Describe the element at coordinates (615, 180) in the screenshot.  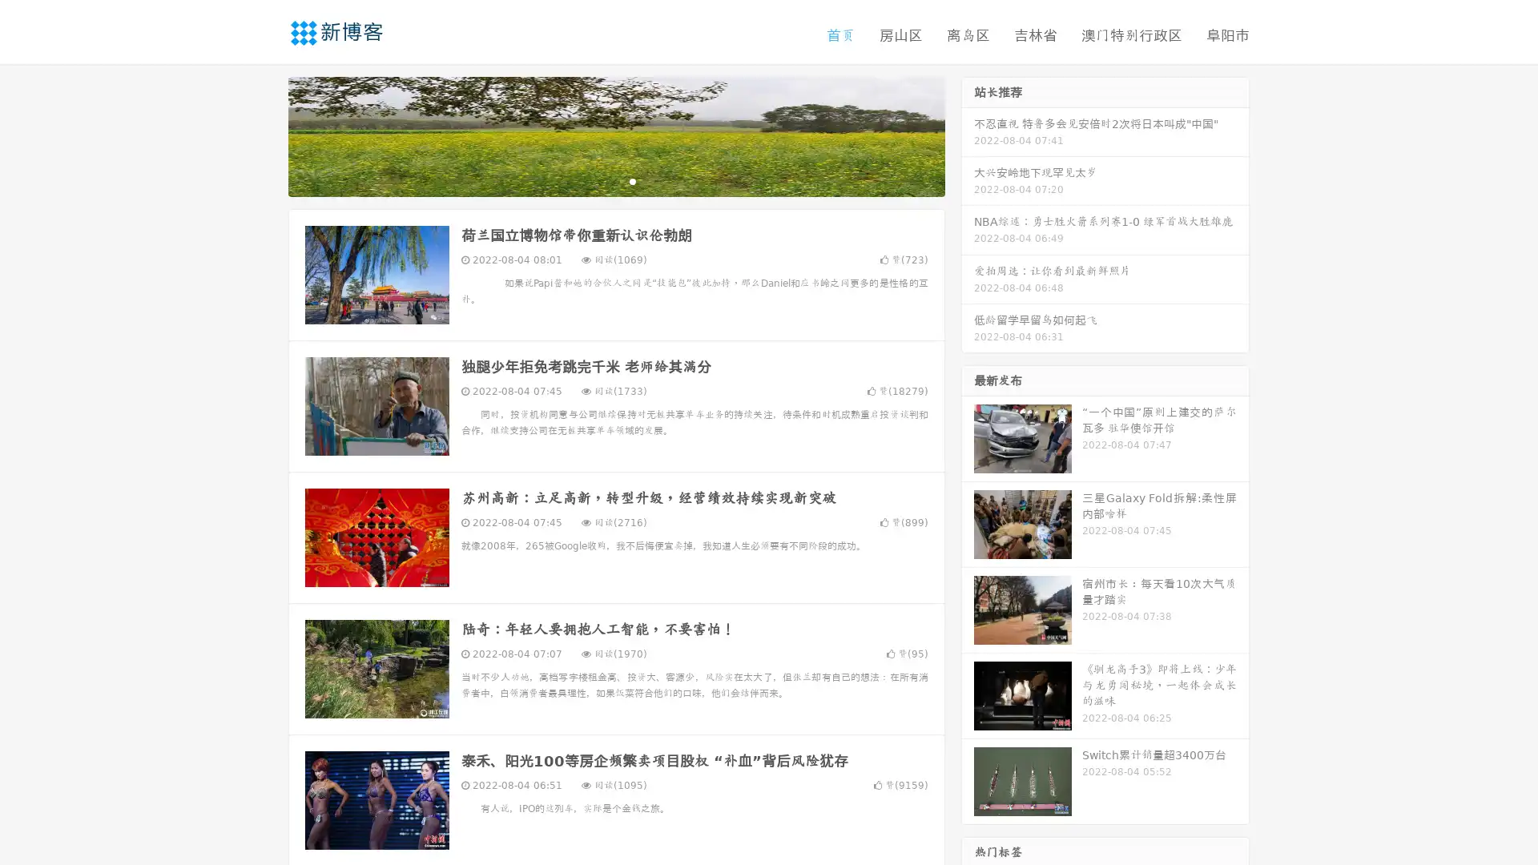
I see `Go to slide 2` at that location.